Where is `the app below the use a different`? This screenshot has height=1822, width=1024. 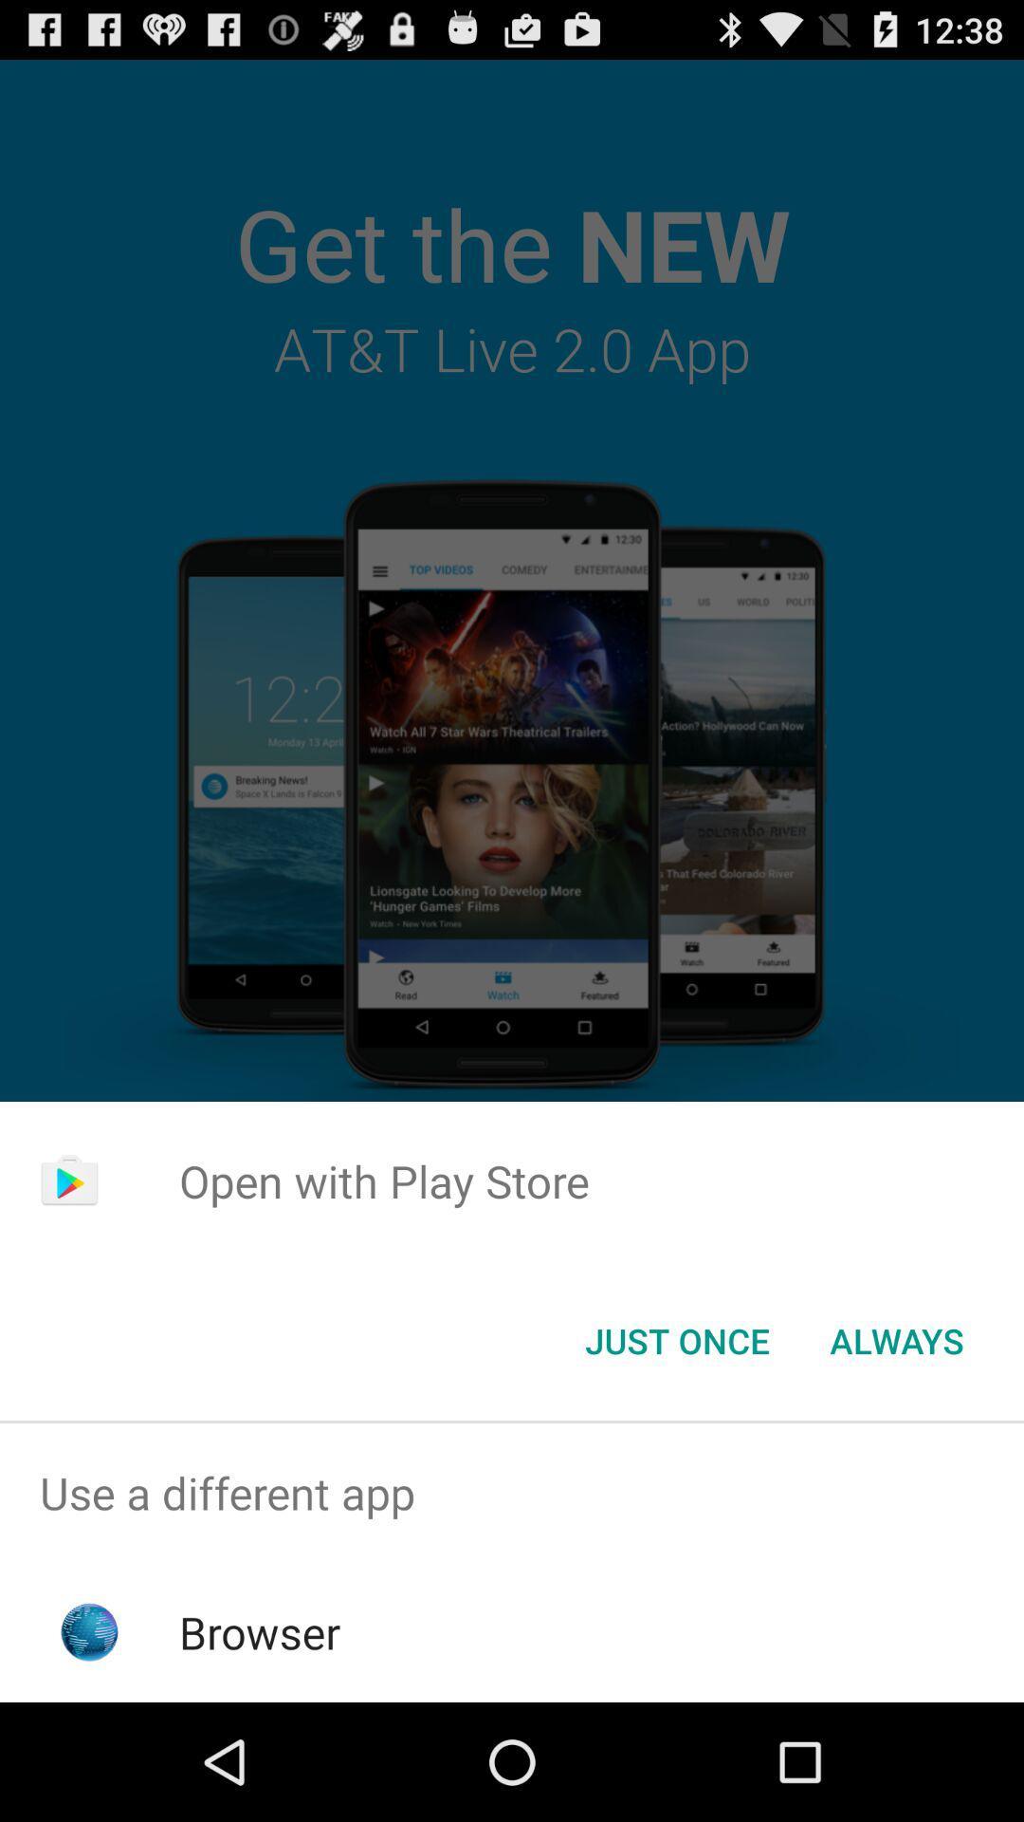 the app below the use a different is located at coordinates (260, 1631).